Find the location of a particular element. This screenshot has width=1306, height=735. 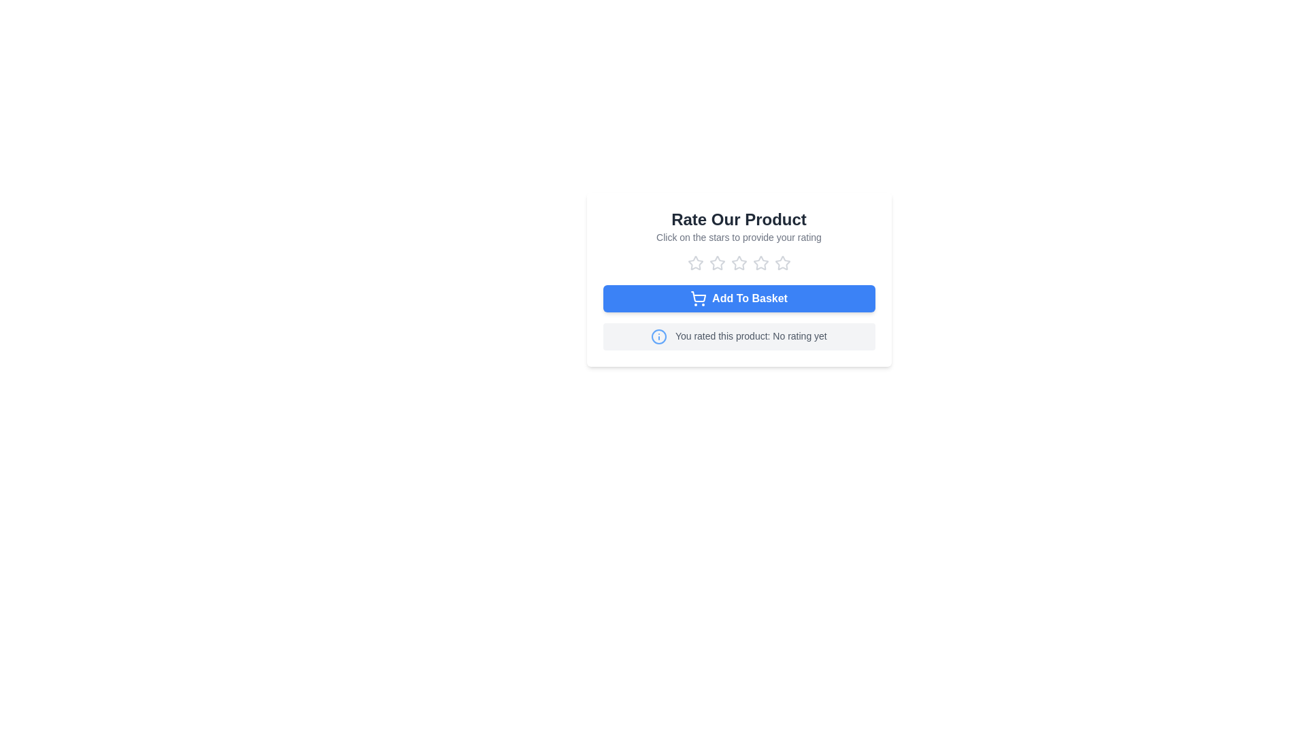

the shopping cart icon within the 'Add To Basket' button, which is centrally located in the button's layout is located at coordinates (699, 295).